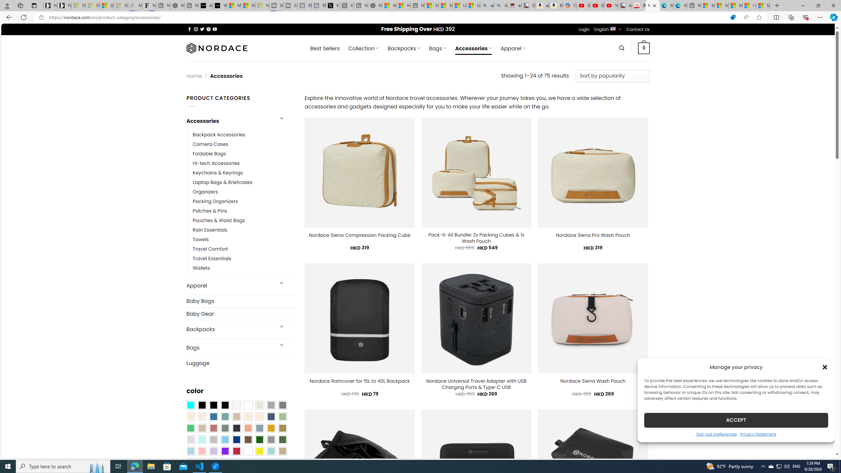 The width and height of the screenshot is (841, 473). Describe the element at coordinates (748, 5) in the screenshot. I see `'I Gained 20 Pounds of Muscle in 30 Days! | Watch'` at that location.